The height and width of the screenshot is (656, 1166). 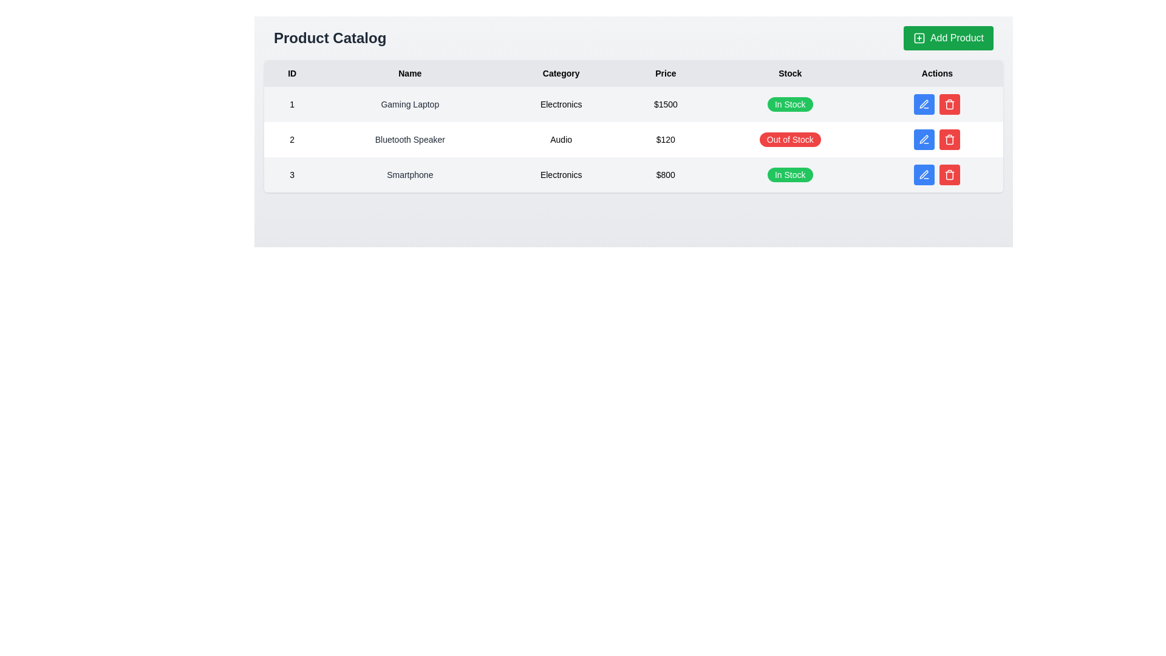 What do you see at coordinates (924, 175) in the screenshot?
I see `the blue edit button with a pen icon located in the Actions column of the third row, which corresponds to the Smartphone product entry` at bounding box center [924, 175].